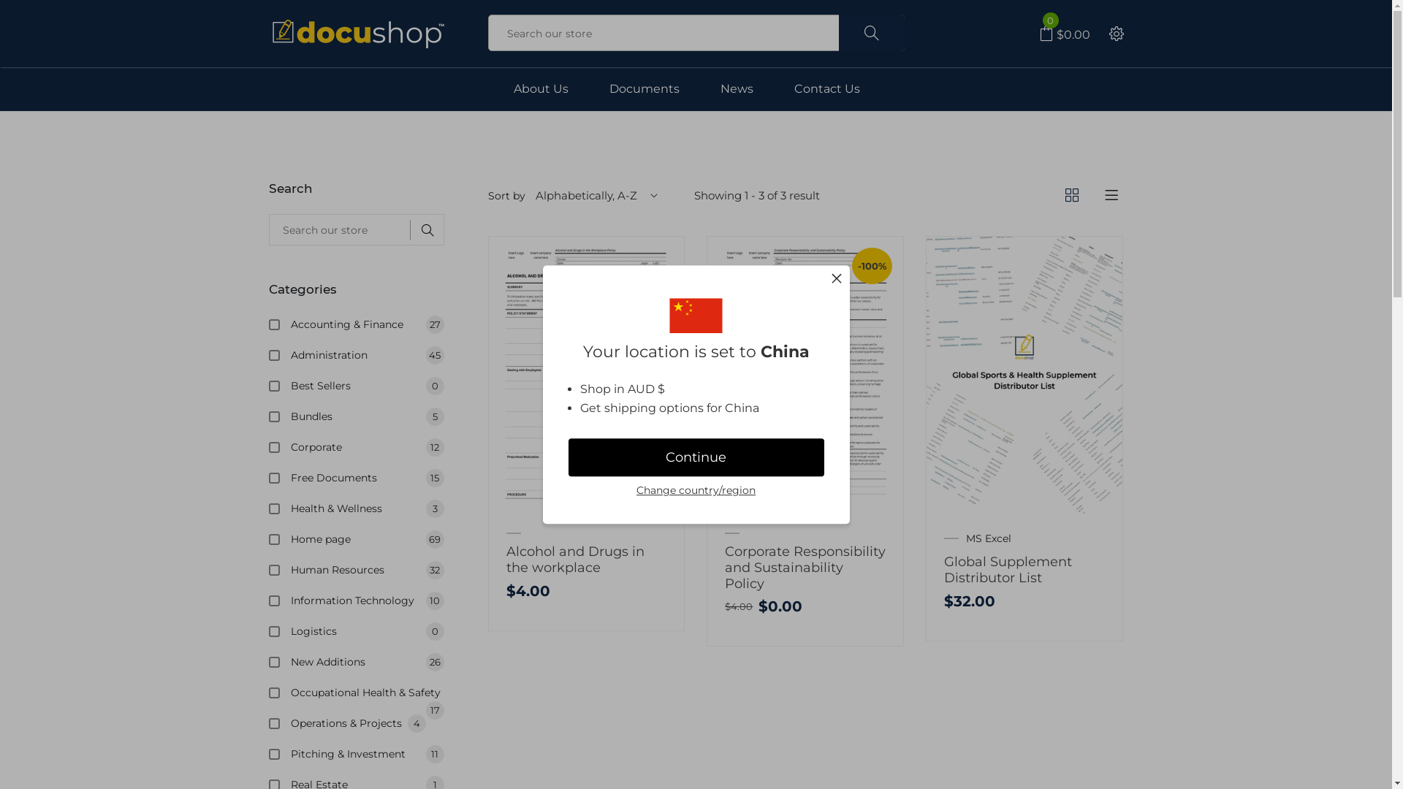 This screenshot has height=789, width=1403. I want to click on 'Human Resources, so click(368, 568).